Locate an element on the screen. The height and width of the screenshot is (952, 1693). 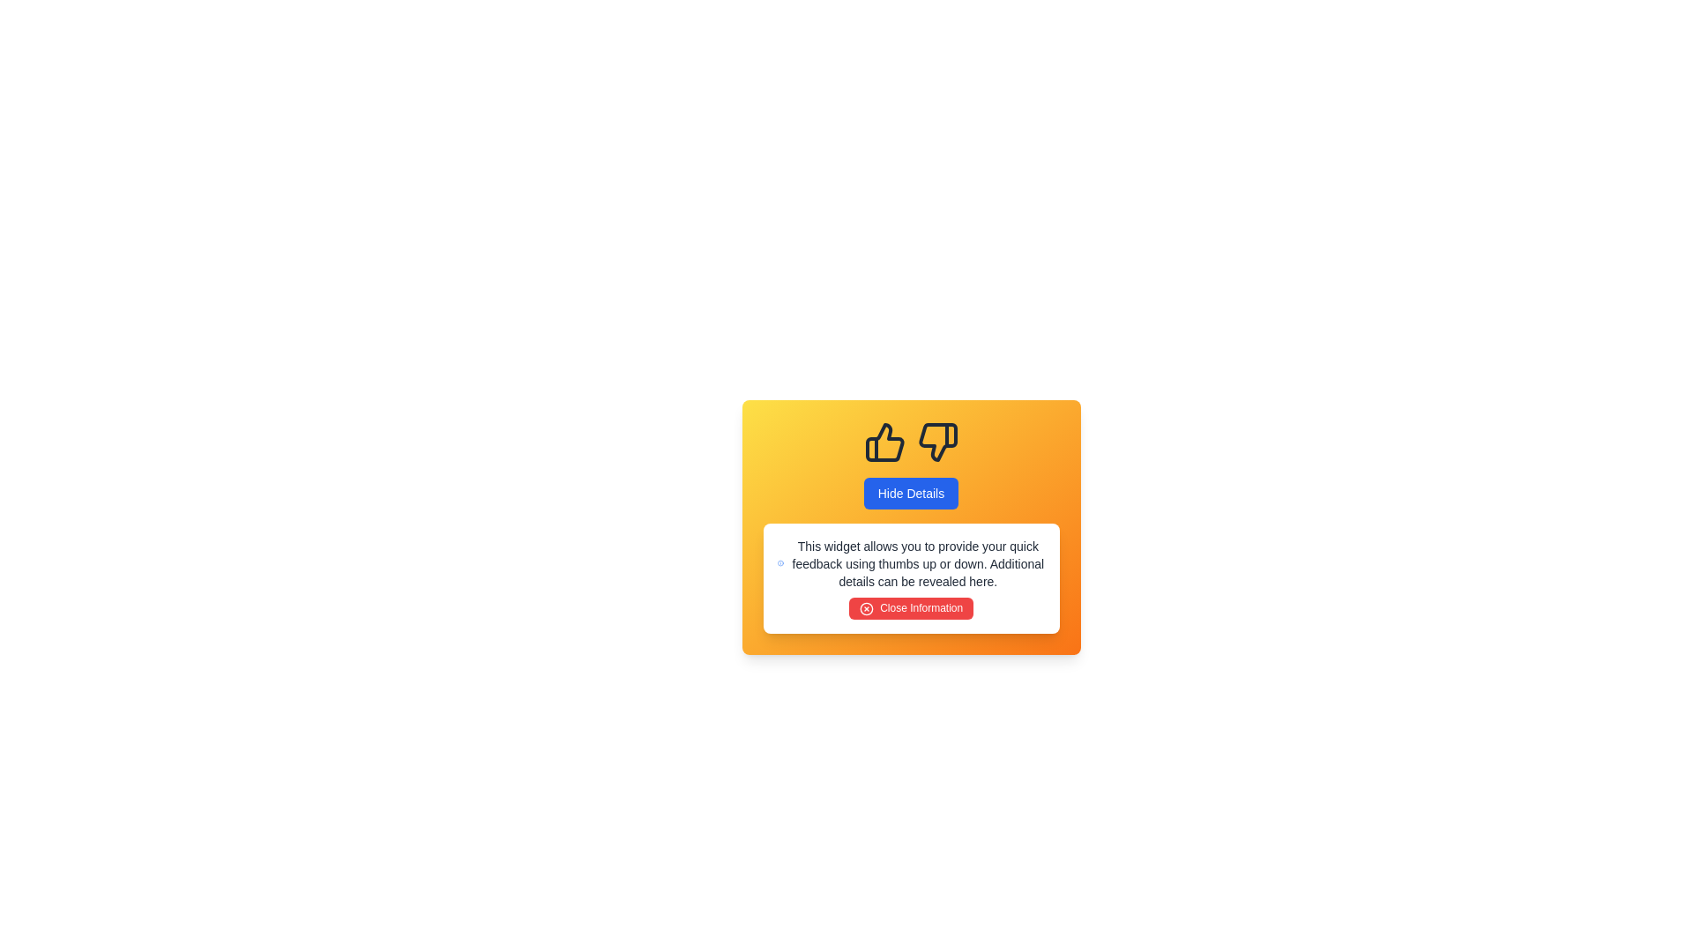
the feedback icon/button located as the second element in a horizontal group of feedback buttons, positioned to the right of the thumbs-up icon is located at coordinates (936, 441).